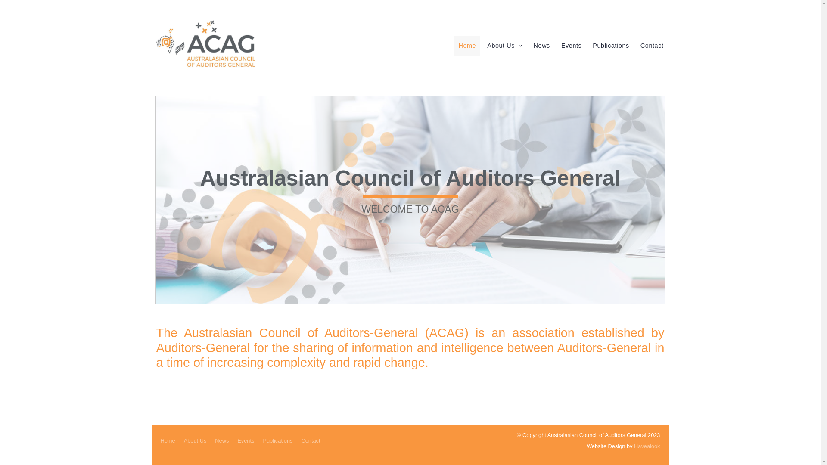  Describe the element at coordinates (647, 446) in the screenshot. I see `'Havealook'` at that location.